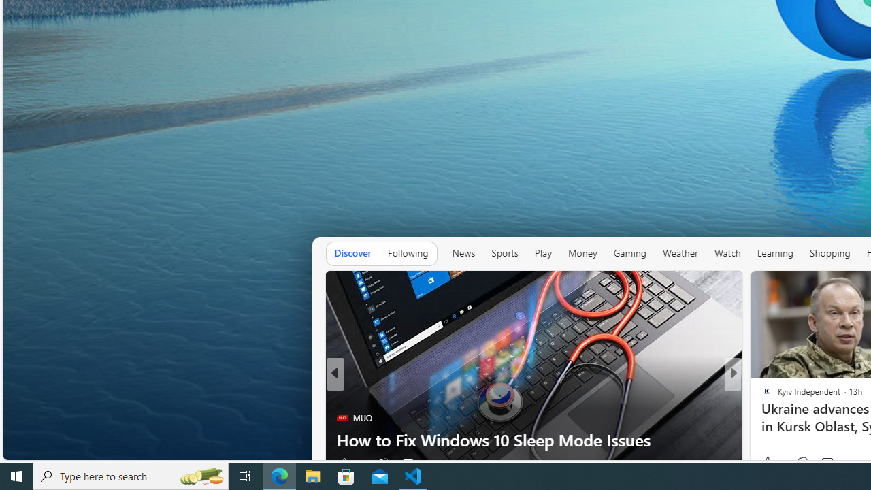 The width and height of the screenshot is (871, 490). I want to click on 'Sports', so click(504, 252).